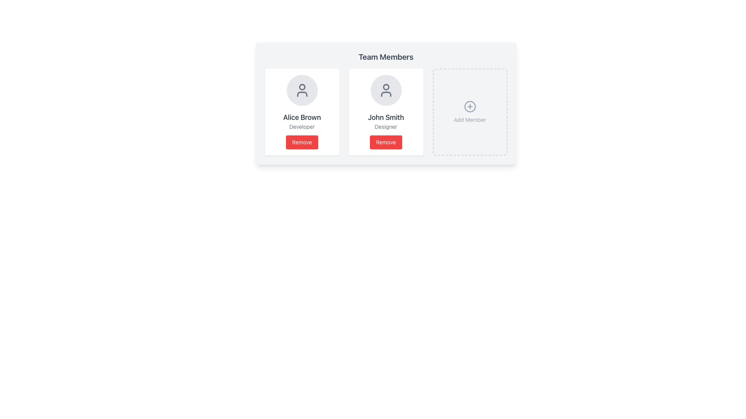  What do you see at coordinates (386, 112) in the screenshot?
I see `the user profile card which is centered in the second column of a three-column grid layout` at bounding box center [386, 112].